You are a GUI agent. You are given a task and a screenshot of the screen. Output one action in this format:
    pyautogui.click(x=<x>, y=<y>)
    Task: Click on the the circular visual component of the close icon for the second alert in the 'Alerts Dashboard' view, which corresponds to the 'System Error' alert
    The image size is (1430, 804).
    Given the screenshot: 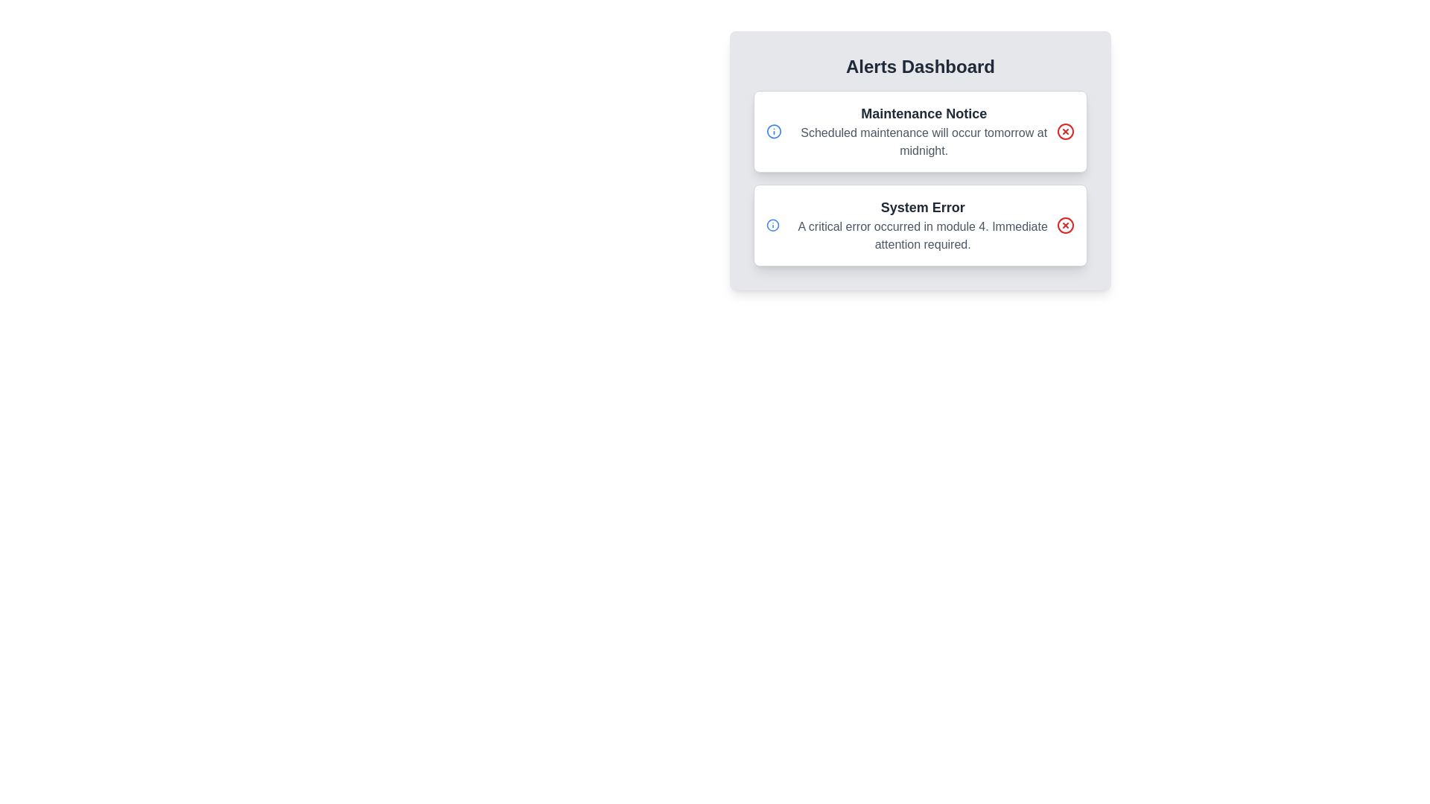 What is the action you would take?
    pyautogui.click(x=1064, y=226)
    